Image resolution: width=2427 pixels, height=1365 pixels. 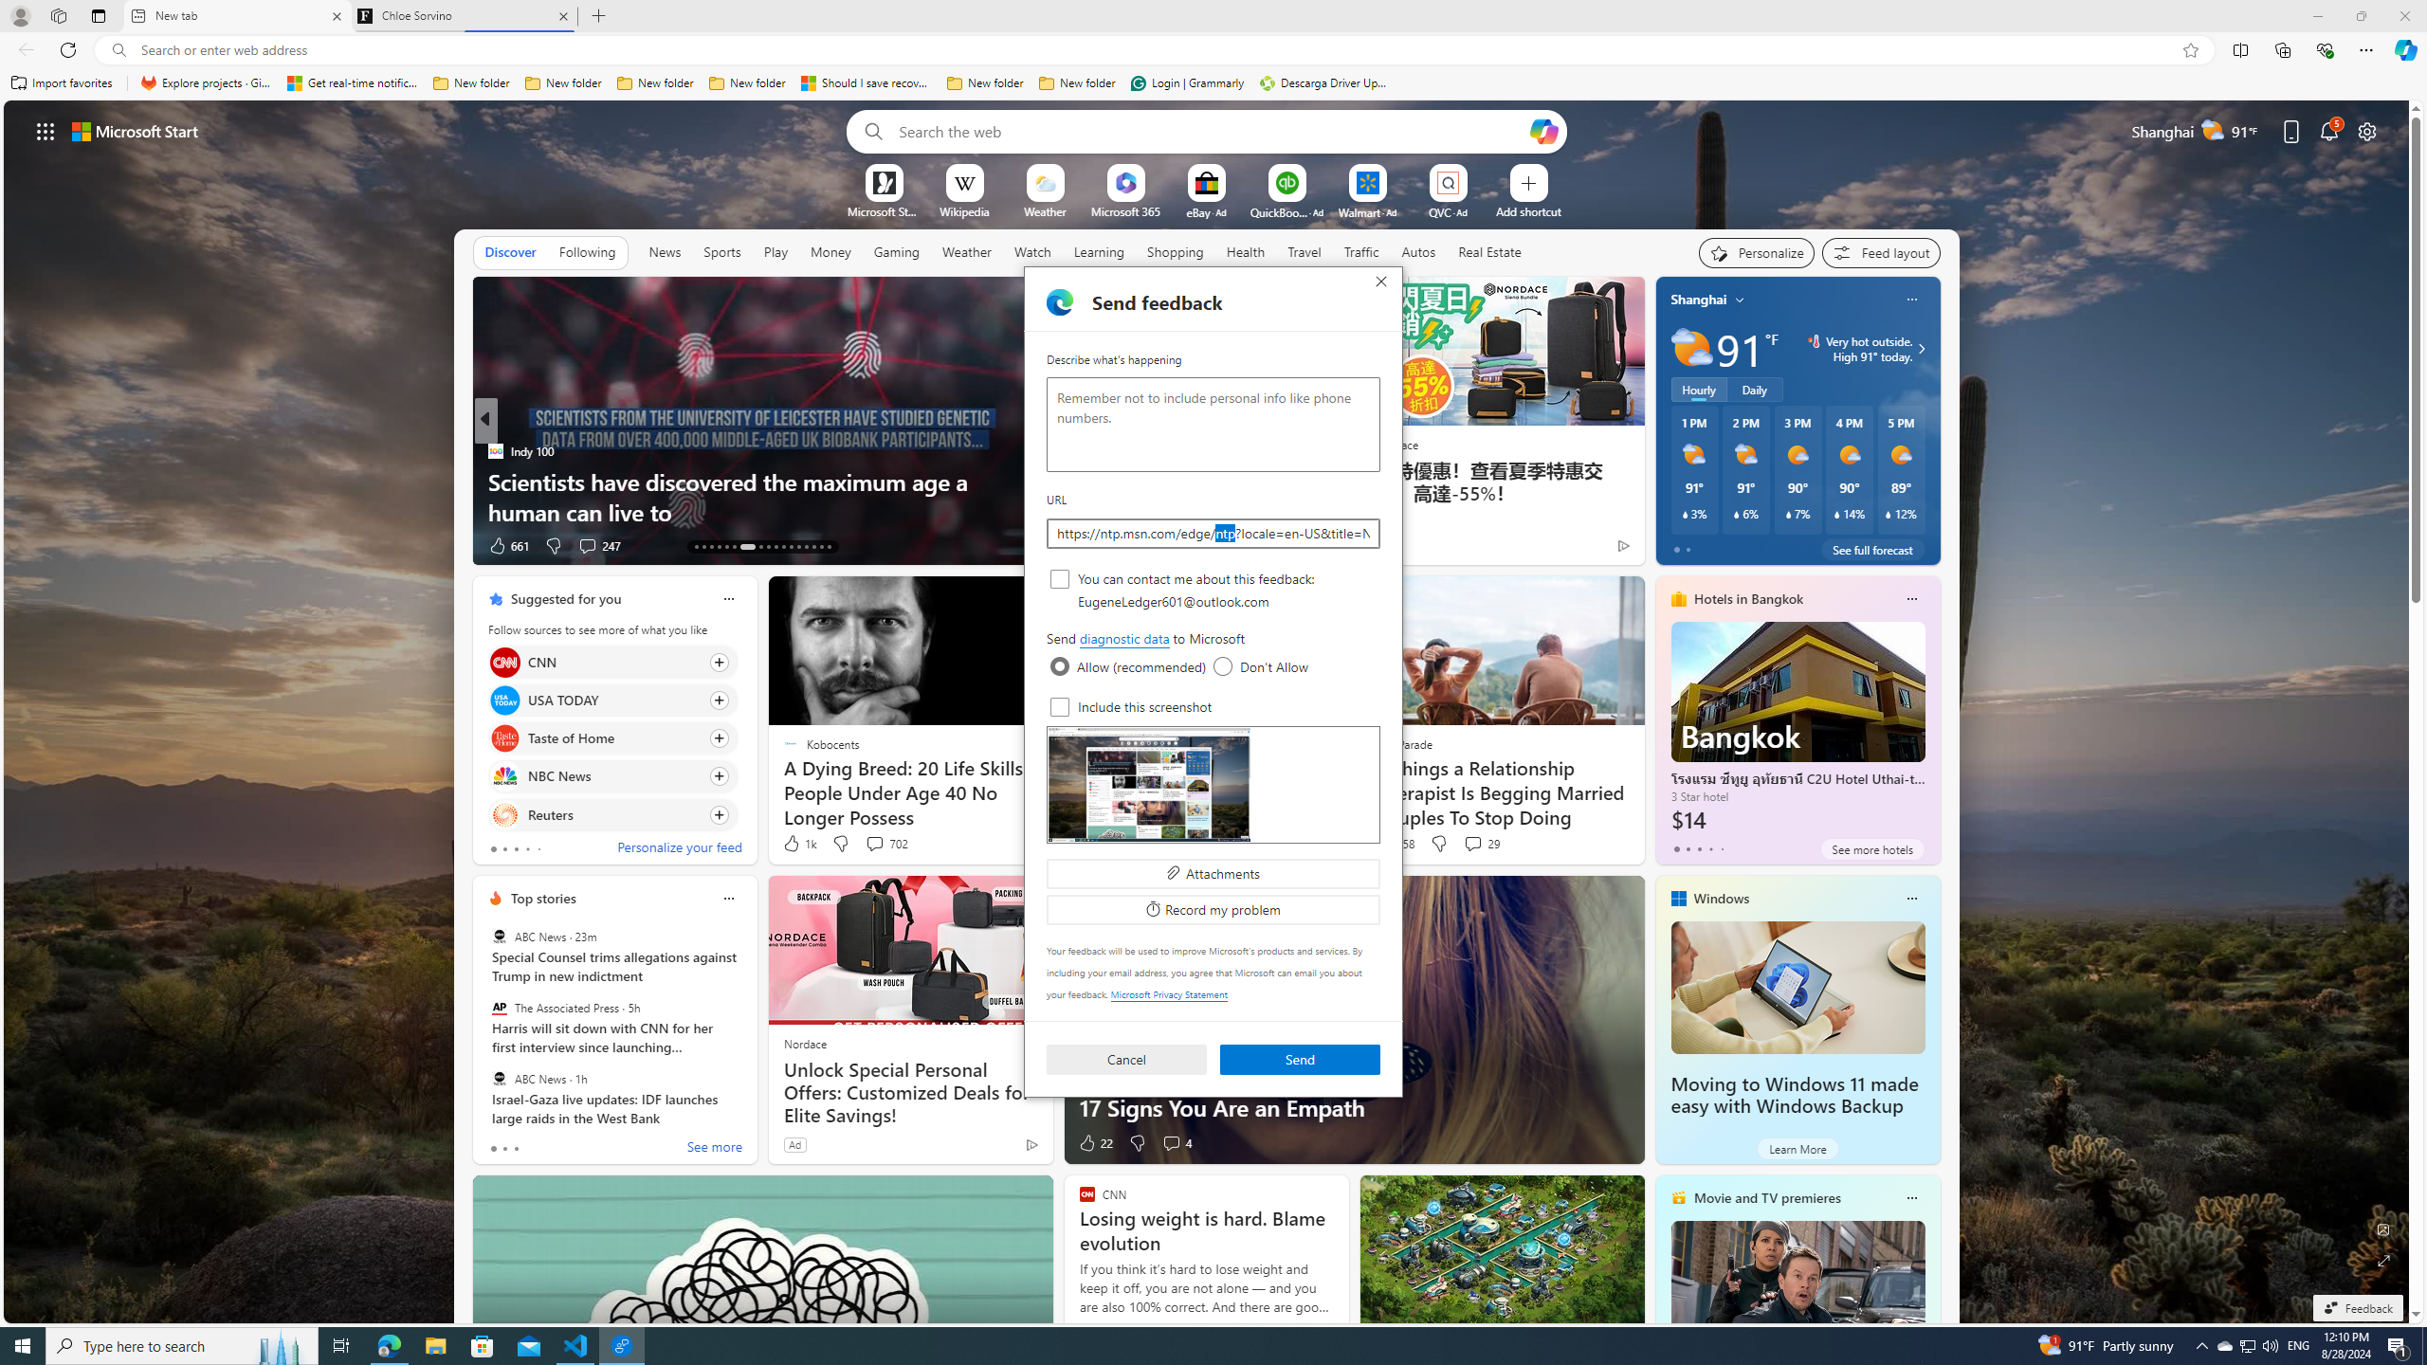 What do you see at coordinates (1360, 251) in the screenshot?
I see `'Traffic'` at bounding box center [1360, 251].